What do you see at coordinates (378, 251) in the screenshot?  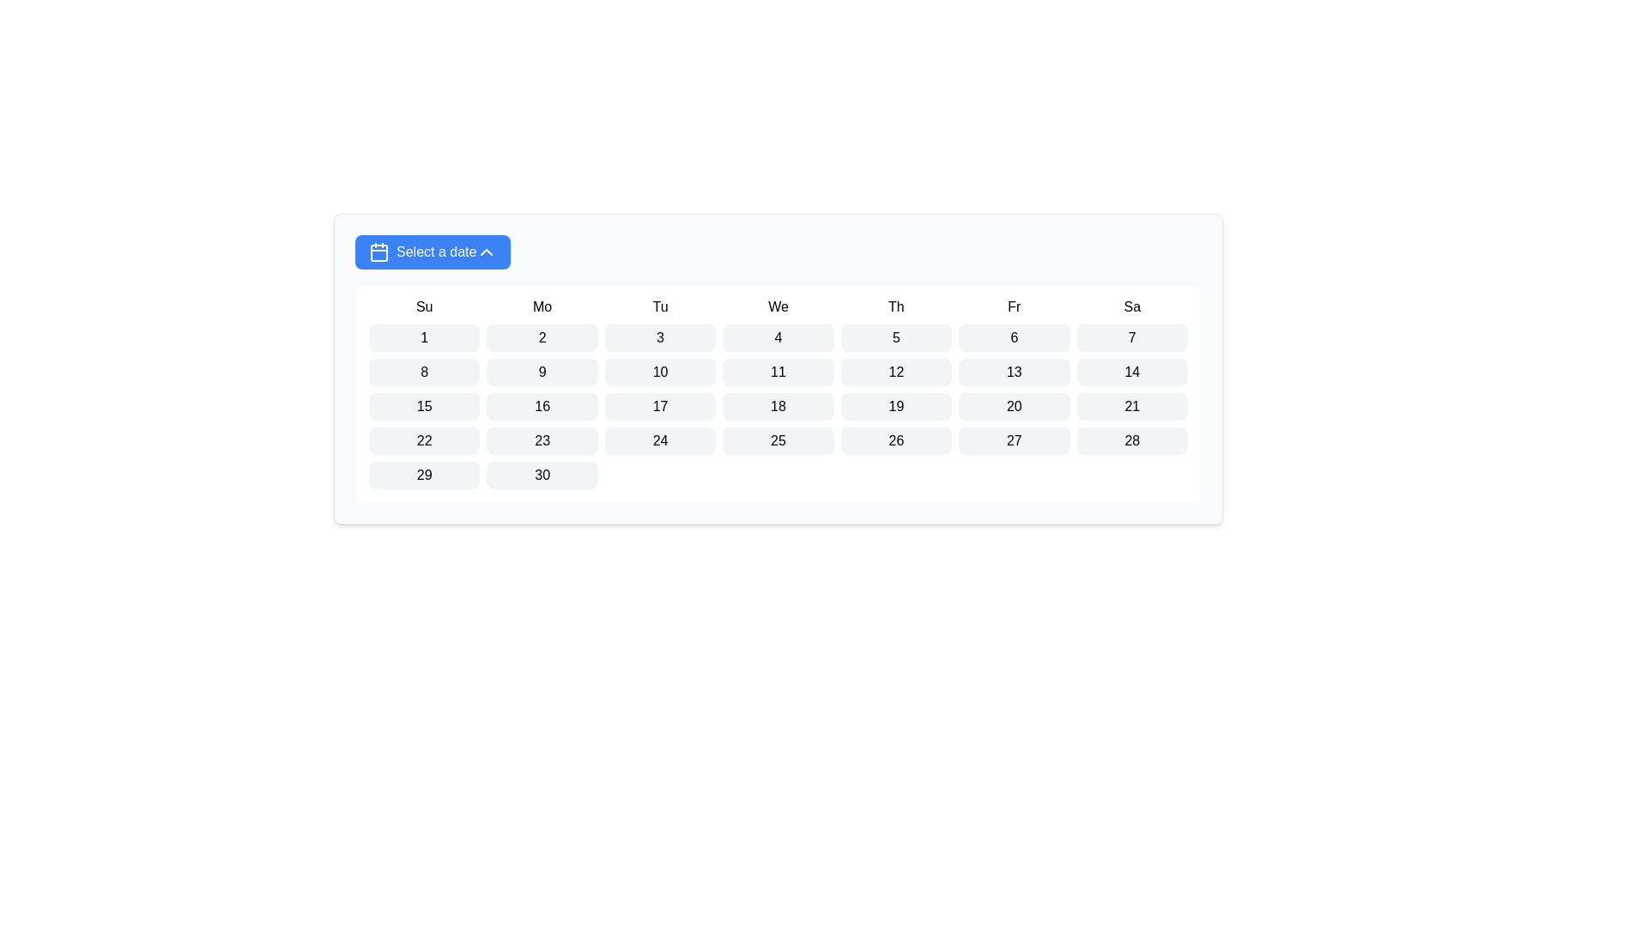 I see `the calendar icon with a blue background and white grid-like strokes, located at the beginning of the layout before the text 'Select a date'` at bounding box center [378, 251].